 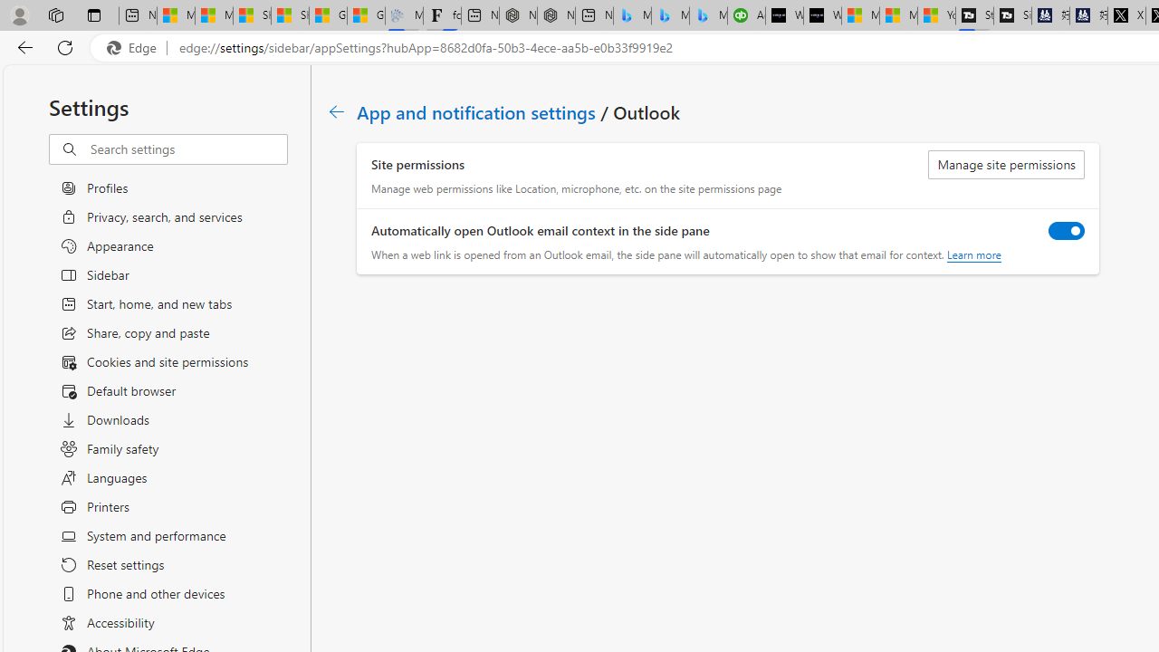 What do you see at coordinates (1067, 229) in the screenshot?
I see `'Automatically open Outlook email context in the side pane'` at bounding box center [1067, 229].